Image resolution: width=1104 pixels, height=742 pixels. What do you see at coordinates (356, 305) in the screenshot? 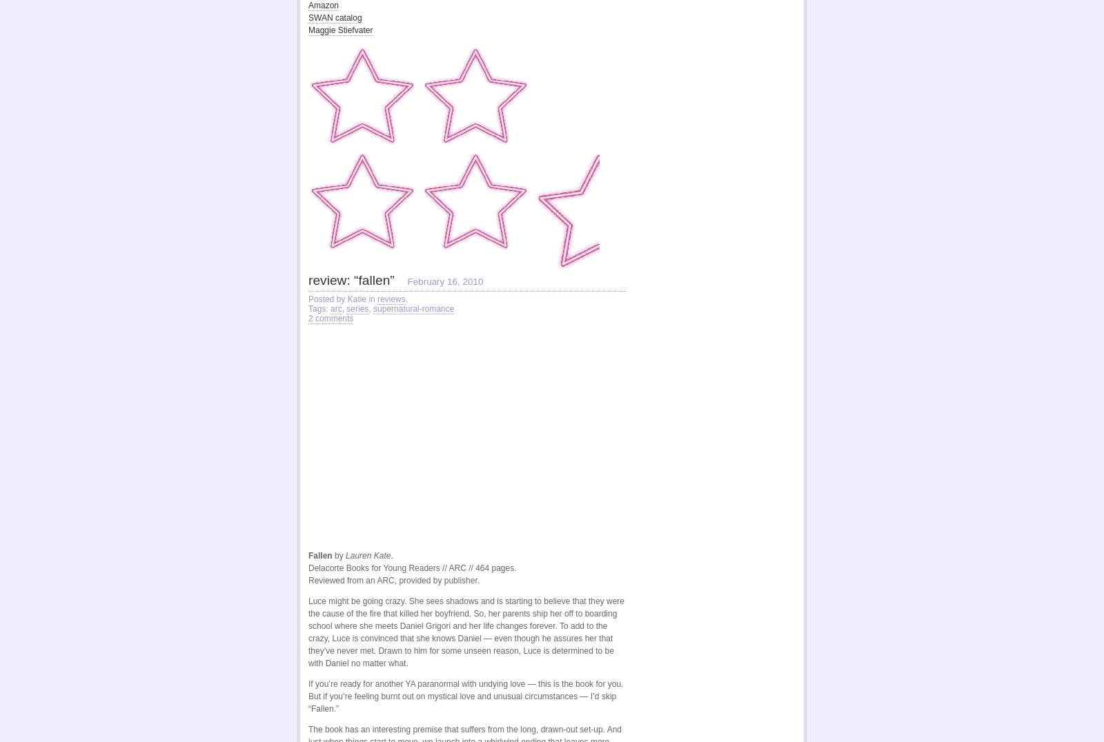
I see `'series'` at bounding box center [356, 305].